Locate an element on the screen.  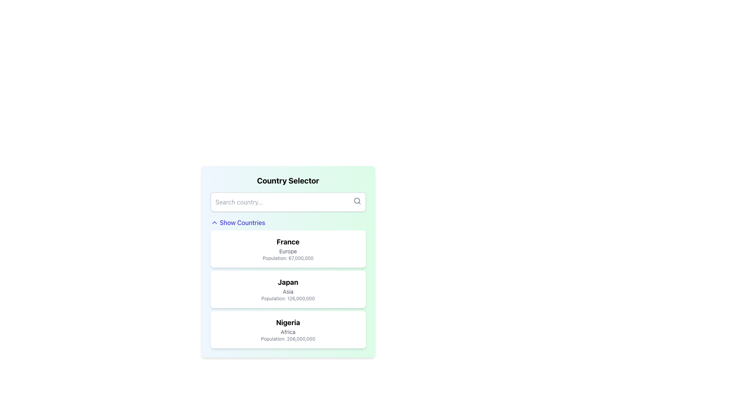
the text label displaying 'Asia', which is located below the title 'Japan' and above the population line is located at coordinates (288, 292).